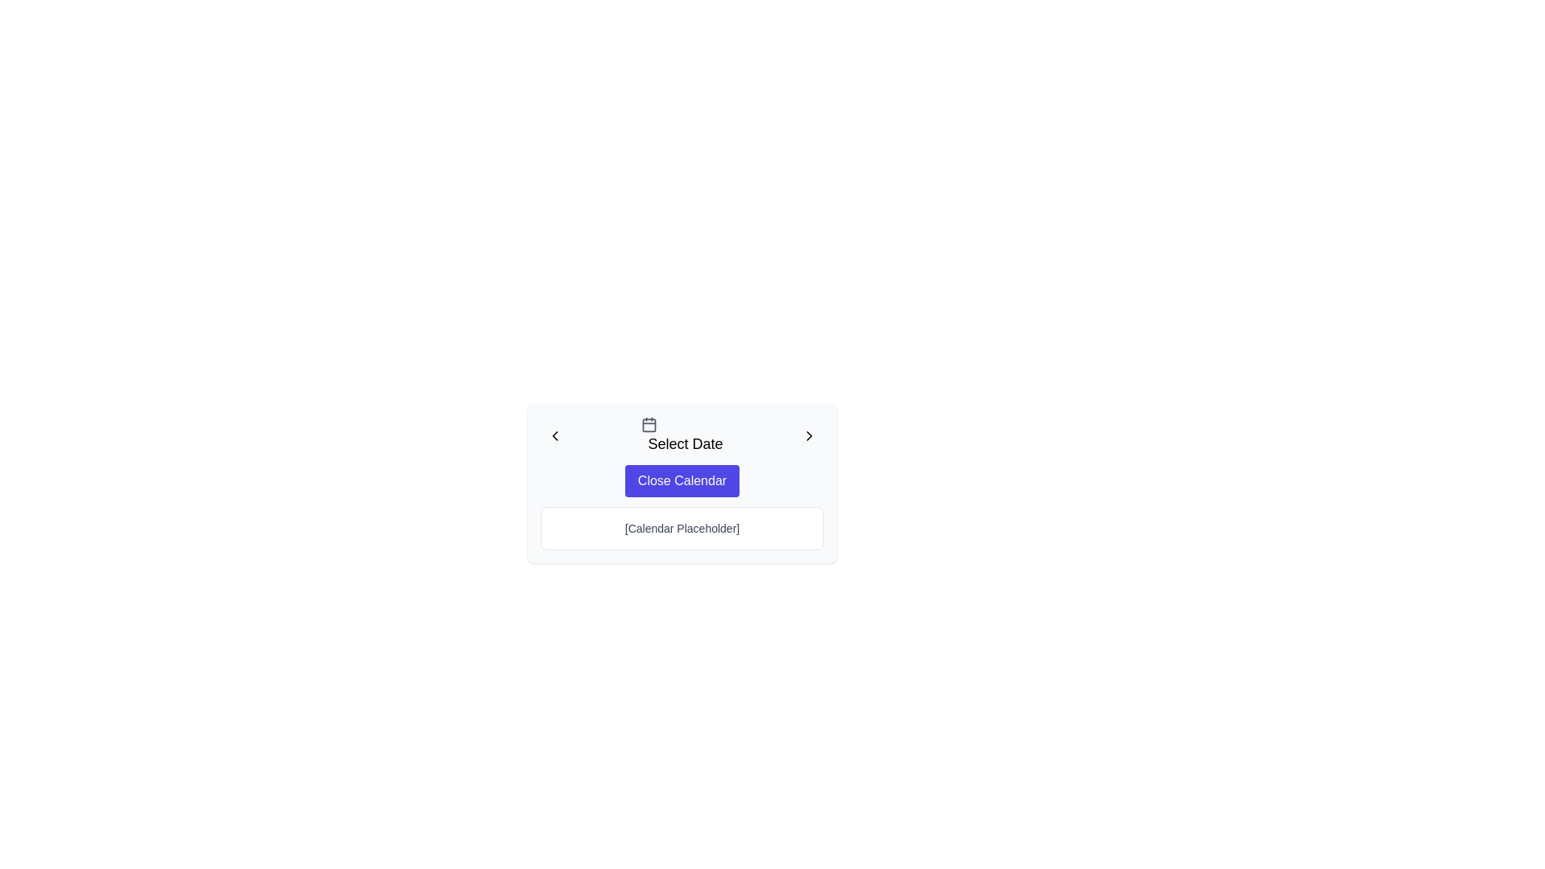  I want to click on the 'Select Date' label, which features a calendar icon to the left and chevron icons on both sides, so click(682, 436).